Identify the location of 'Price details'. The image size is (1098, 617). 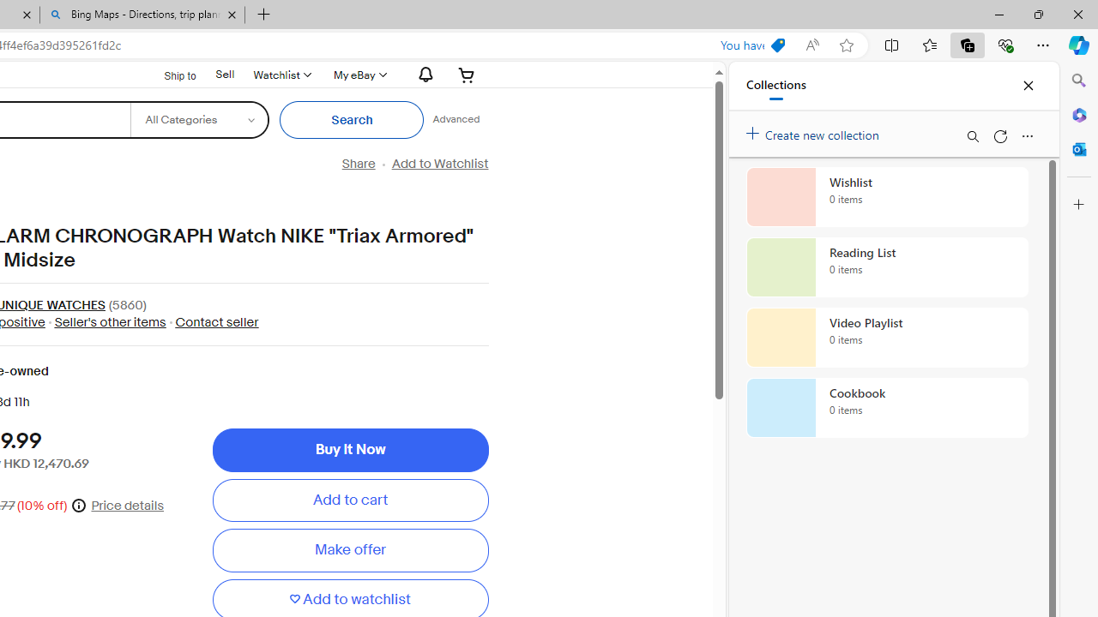
(127, 505).